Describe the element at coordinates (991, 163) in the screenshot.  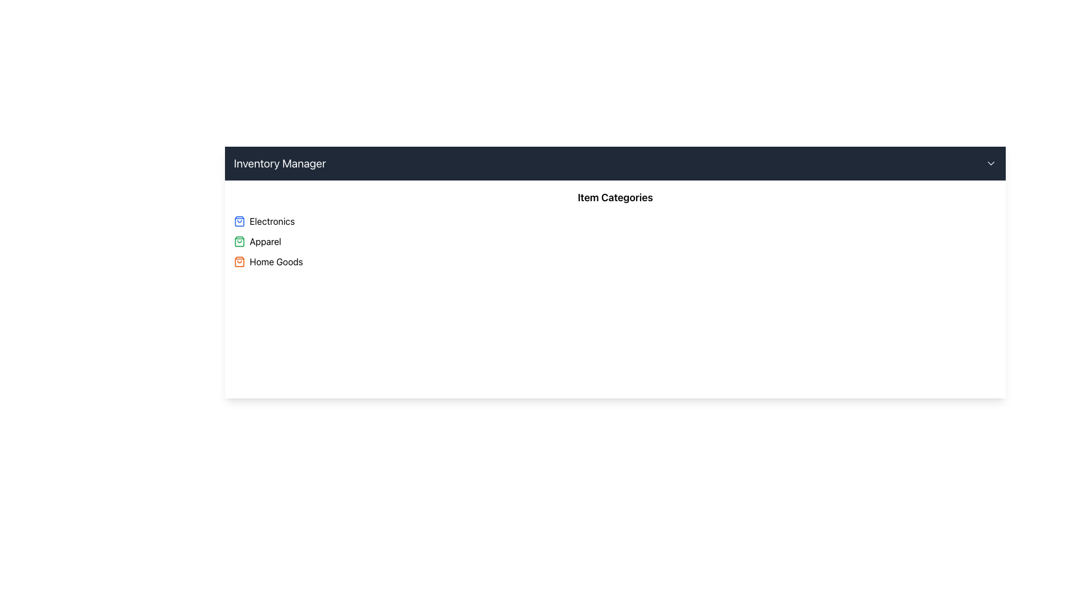
I see `the button located at the far right of the header bar` at that location.